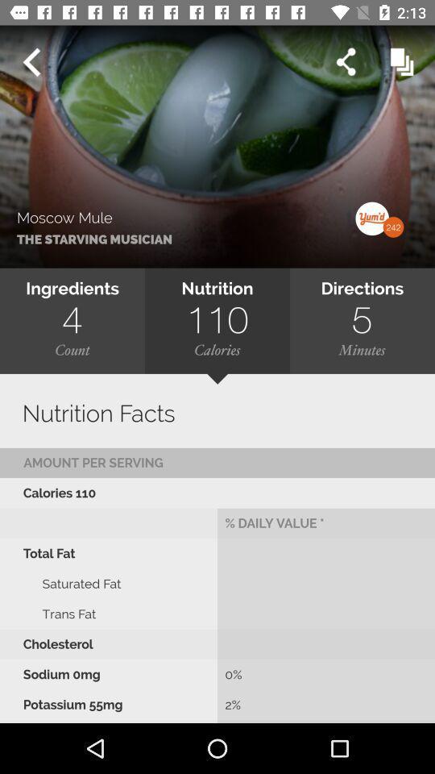  I want to click on the layers icon, so click(401, 62).